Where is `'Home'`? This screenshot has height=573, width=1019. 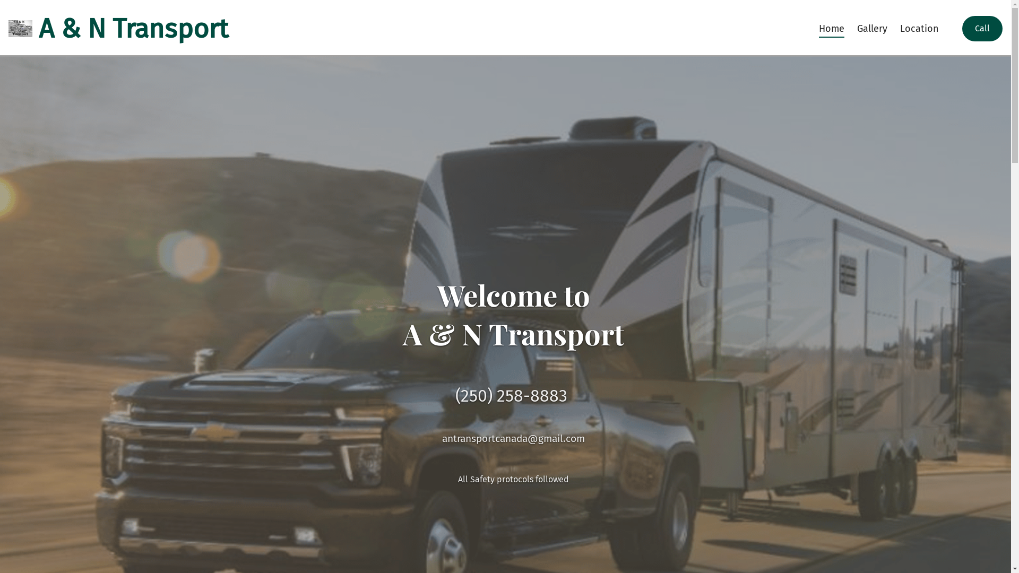
'Home' is located at coordinates (831, 28).